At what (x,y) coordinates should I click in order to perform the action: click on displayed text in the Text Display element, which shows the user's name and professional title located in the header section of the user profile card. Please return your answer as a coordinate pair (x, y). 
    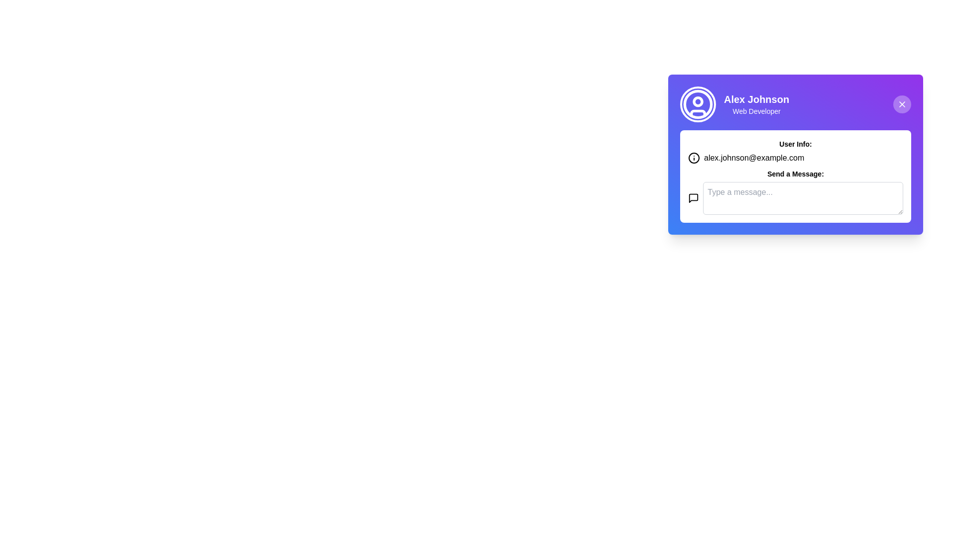
    Looking at the image, I should click on (756, 104).